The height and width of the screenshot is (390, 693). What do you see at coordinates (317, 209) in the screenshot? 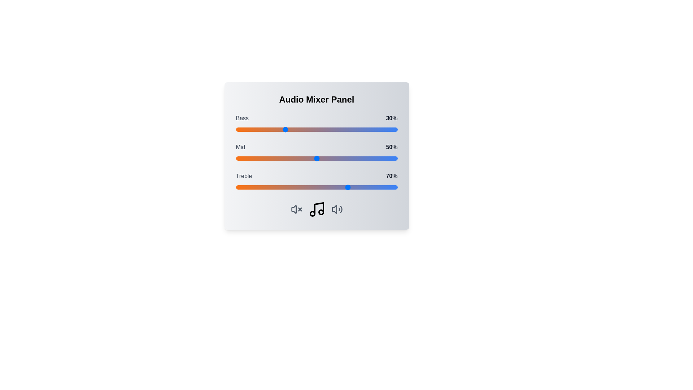
I see `the music icon to interact with the corresponding volume control` at bounding box center [317, 209].